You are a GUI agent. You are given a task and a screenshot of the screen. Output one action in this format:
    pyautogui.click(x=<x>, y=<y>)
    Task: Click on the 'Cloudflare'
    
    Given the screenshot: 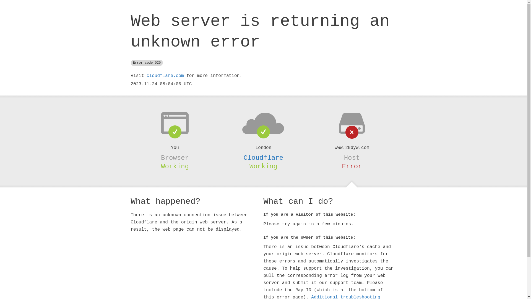 What is the action you would take?
    pyautogui.click(x=243, y=158)
    